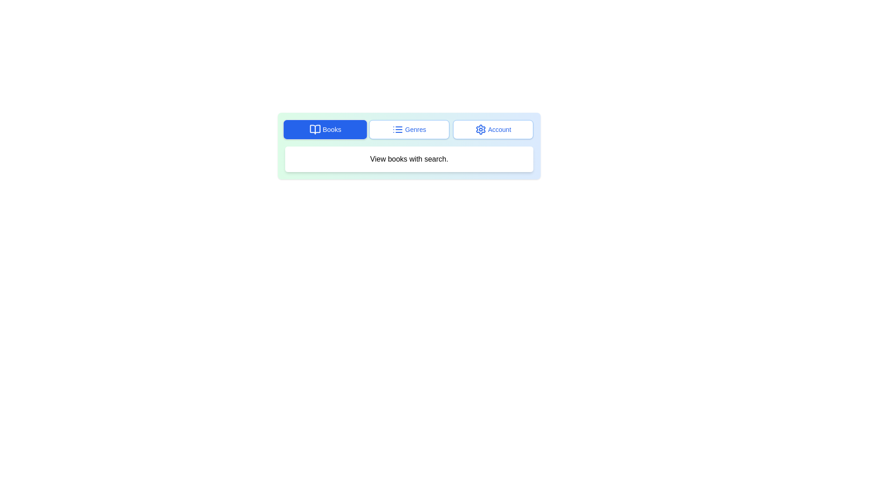 This screenshot has height=493, width=876. Describe the element at coordinates (325, 130) in the screenshot. I see `the blue rectangular button labeled 'Books'` at that location.